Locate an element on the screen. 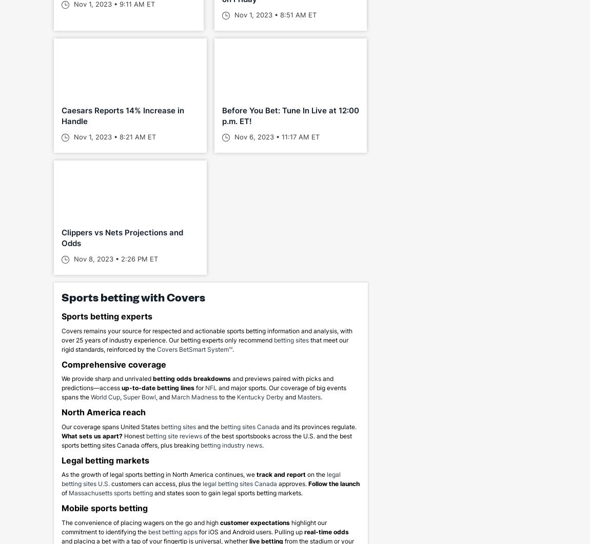 The image size is (590, 544). 'for iOS and Android users. Pulling up' is located at coordinates (198, 531).